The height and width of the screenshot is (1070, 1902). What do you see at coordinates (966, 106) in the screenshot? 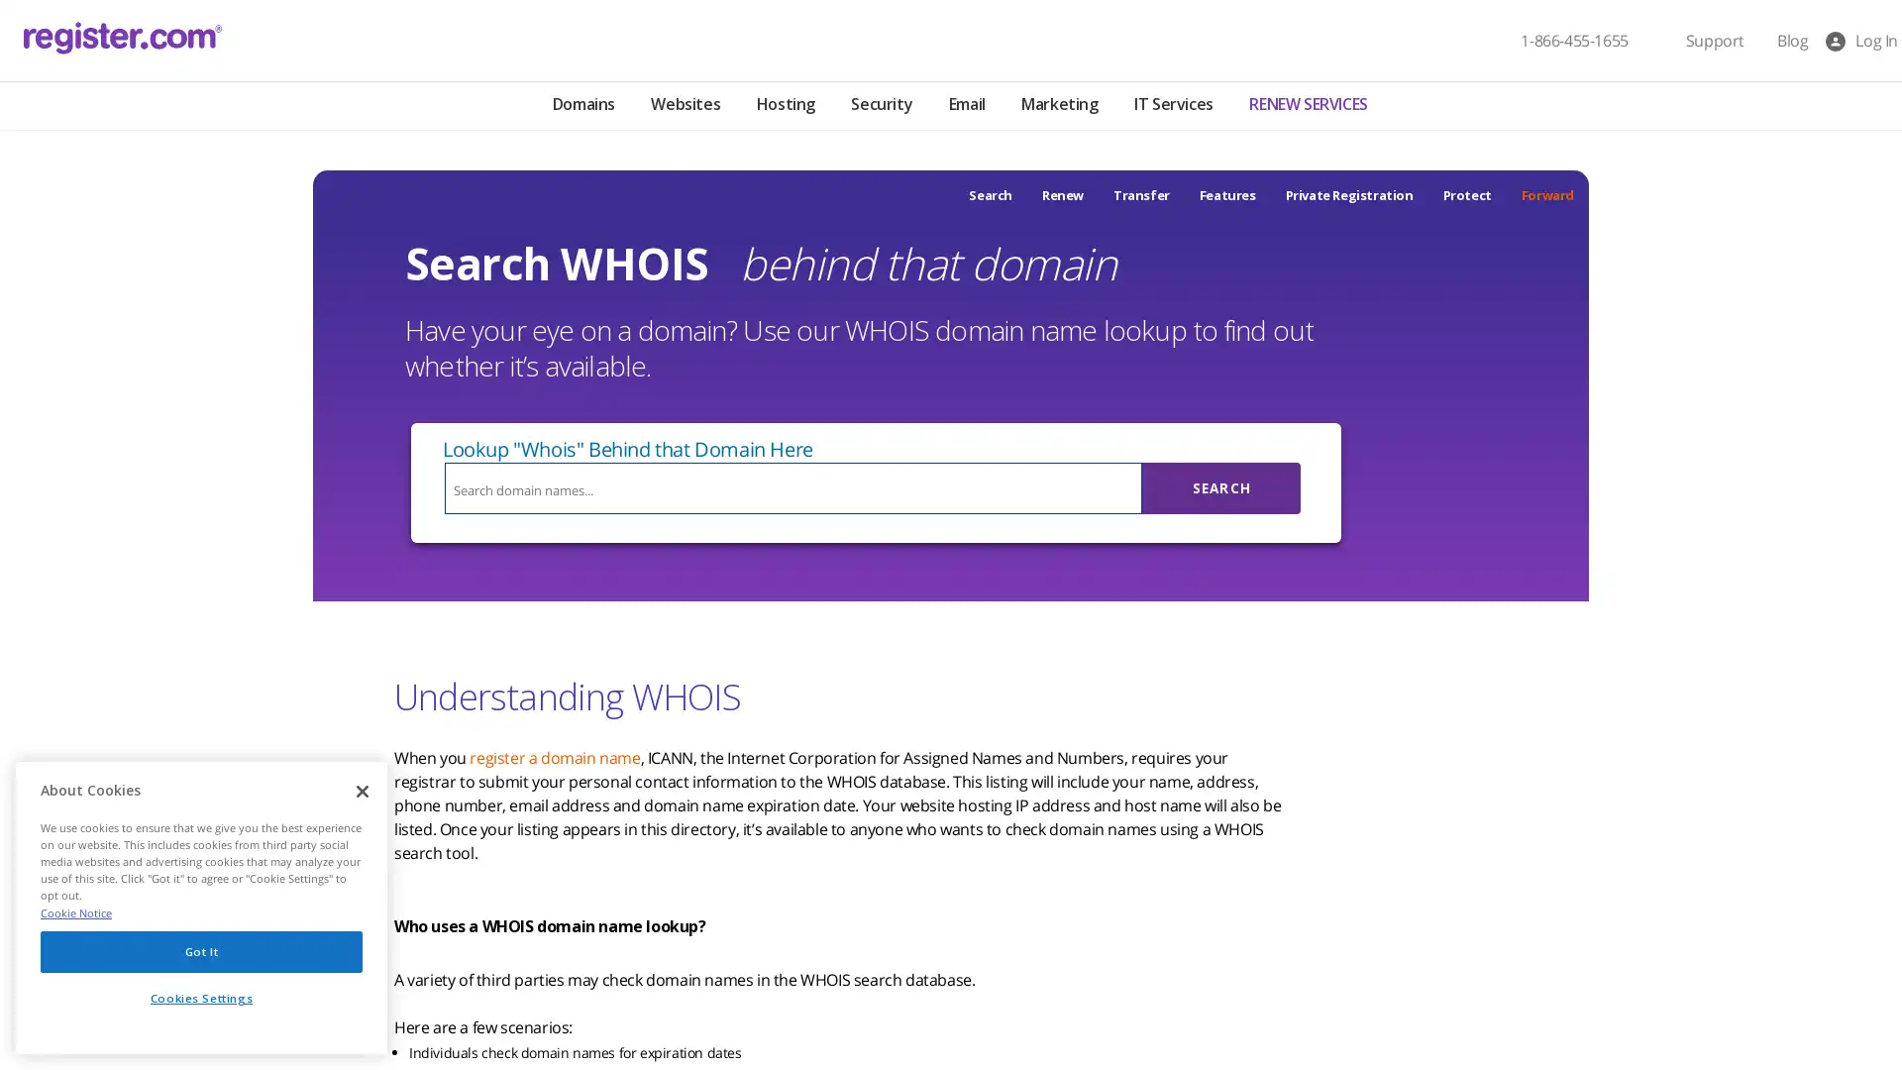
I see `Email` at bounding box center [966, 106].